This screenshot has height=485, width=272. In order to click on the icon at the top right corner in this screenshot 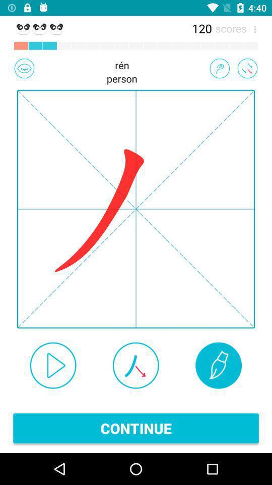, I will do `click(252, 28)`.